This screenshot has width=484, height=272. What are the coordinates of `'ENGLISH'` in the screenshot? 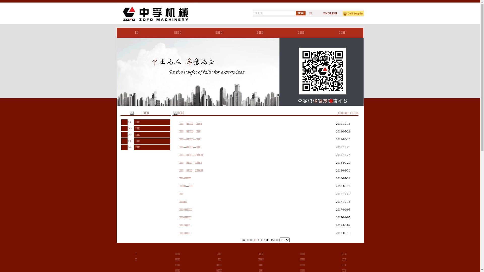 It's located at (330, 13).